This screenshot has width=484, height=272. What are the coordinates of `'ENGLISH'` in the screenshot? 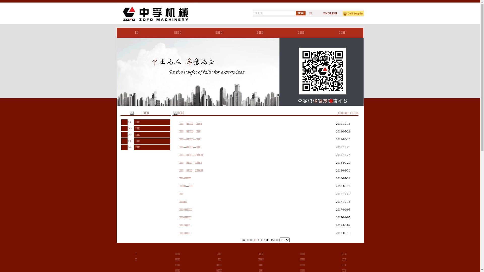 It's located at (330, 13).